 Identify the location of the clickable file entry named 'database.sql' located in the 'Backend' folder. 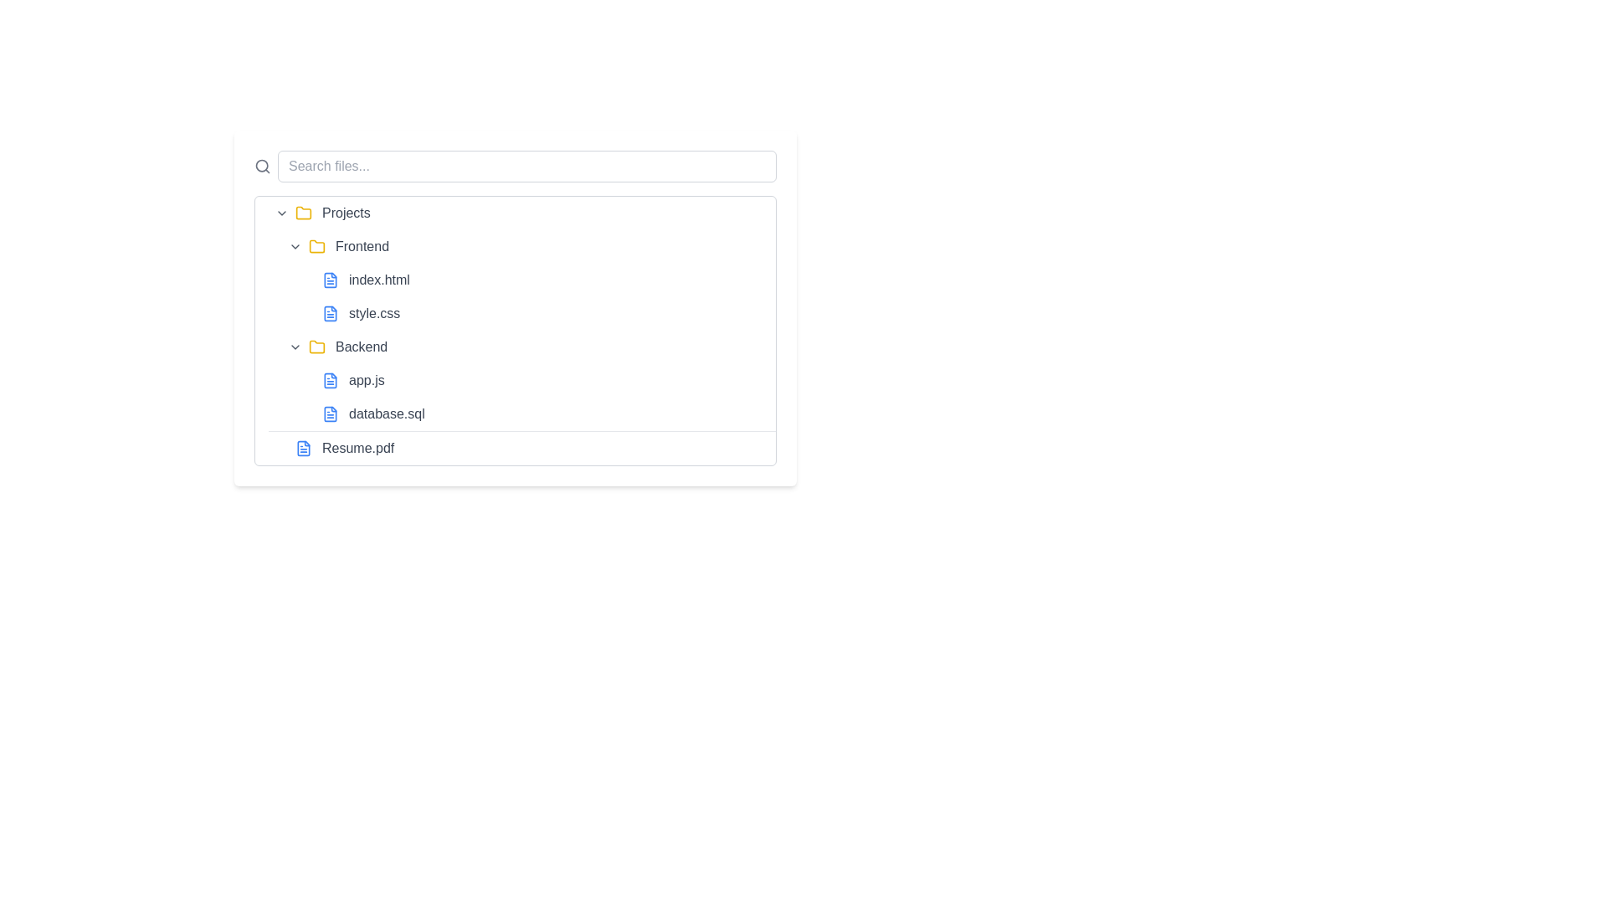
(534, 413).